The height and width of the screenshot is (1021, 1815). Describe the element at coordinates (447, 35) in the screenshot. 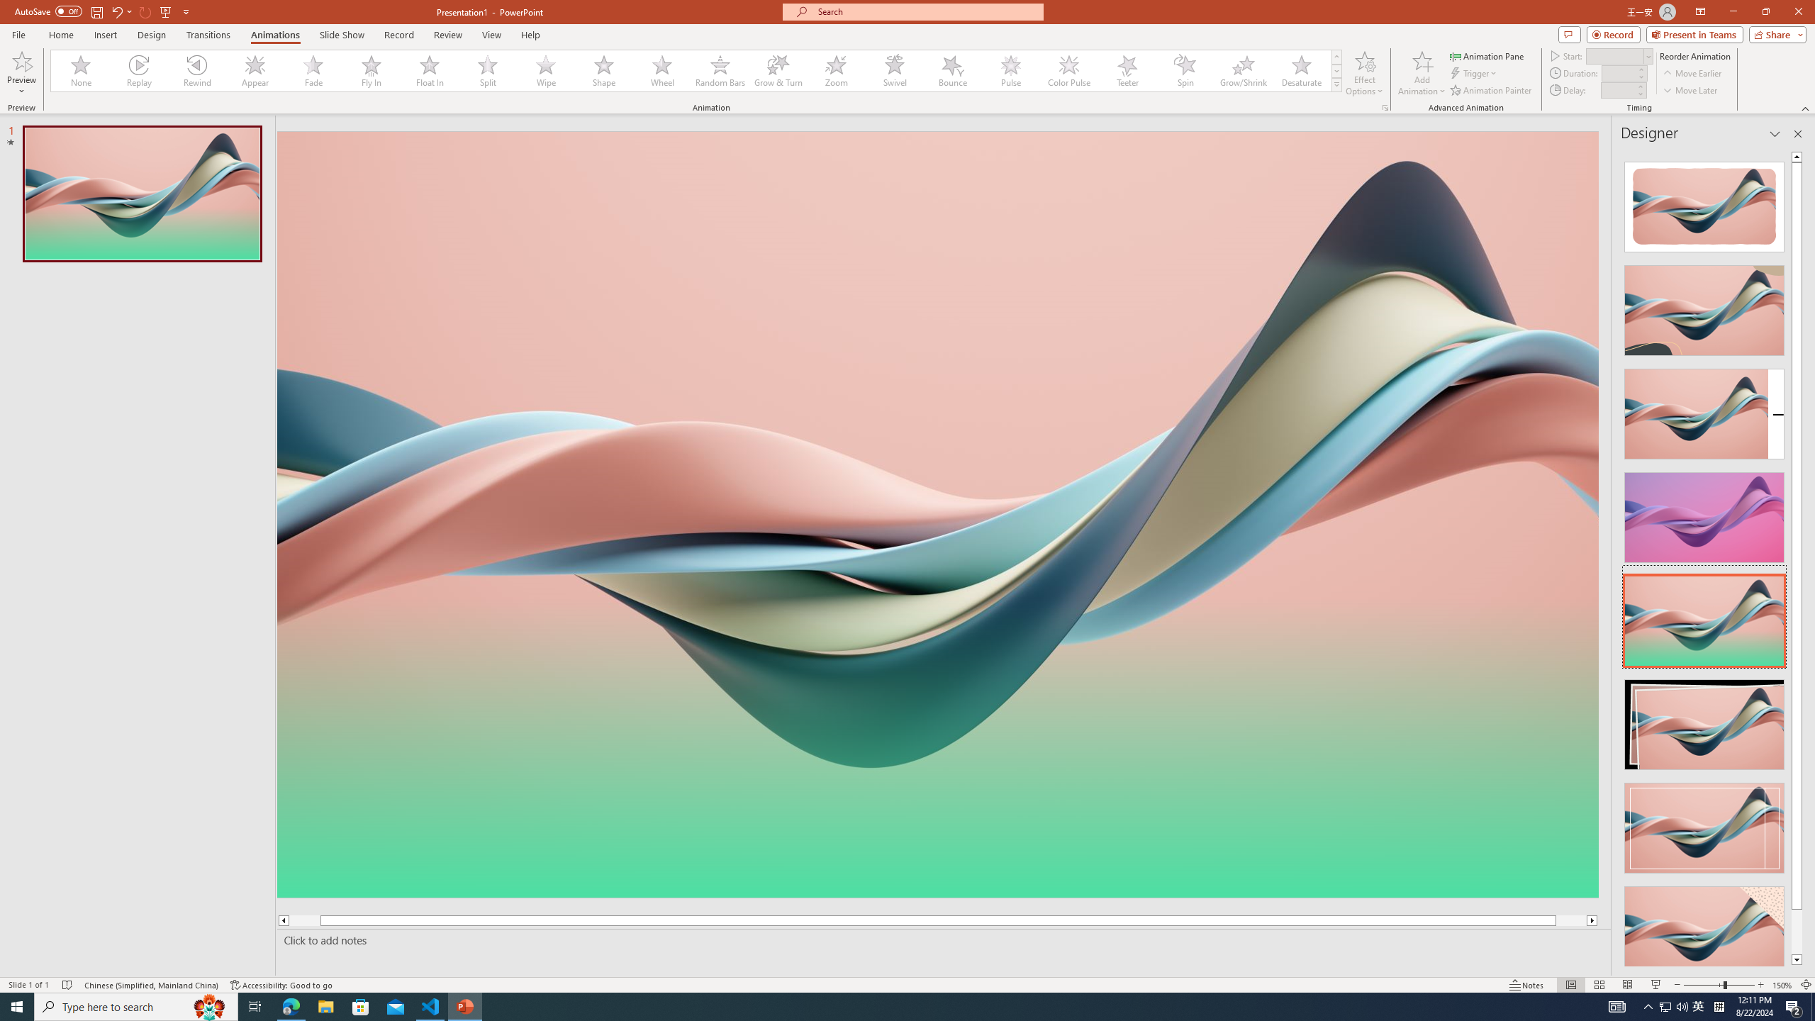

I see `'Review'` at that location.